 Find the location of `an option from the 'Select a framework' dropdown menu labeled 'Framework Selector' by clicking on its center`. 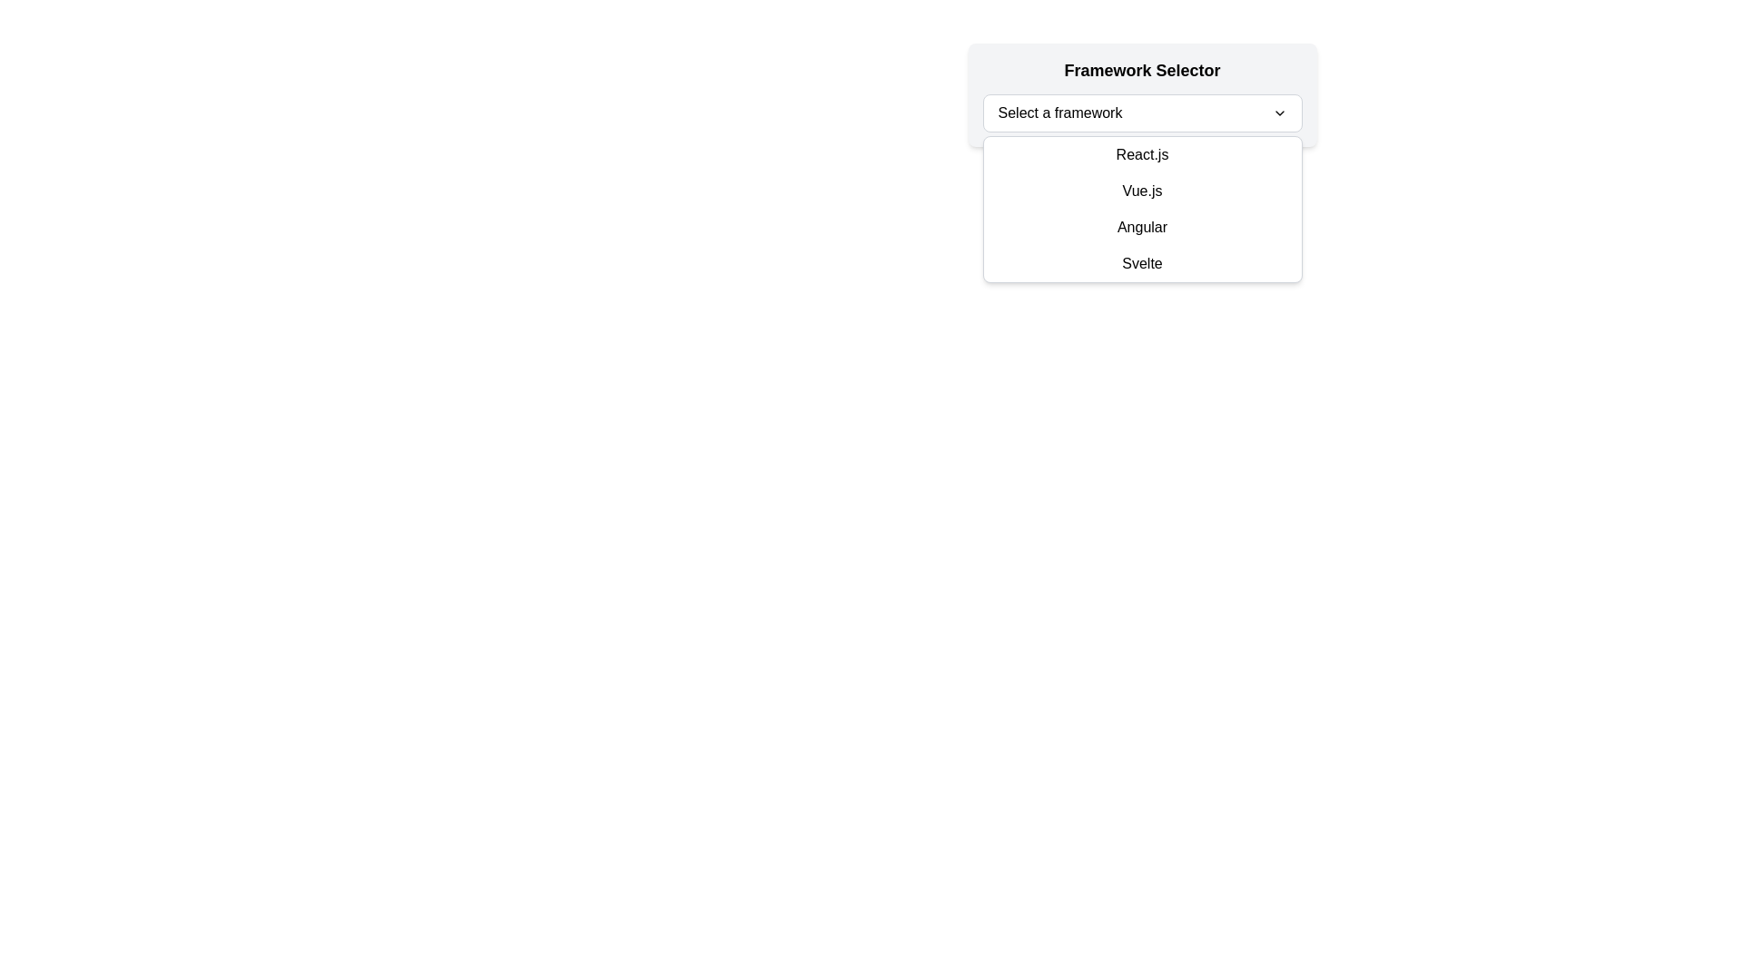

an option from the 'Select a framework' dropdown menu labeled 'Framework Selector' by clicking on its center is located at coordinates (1141, 94).